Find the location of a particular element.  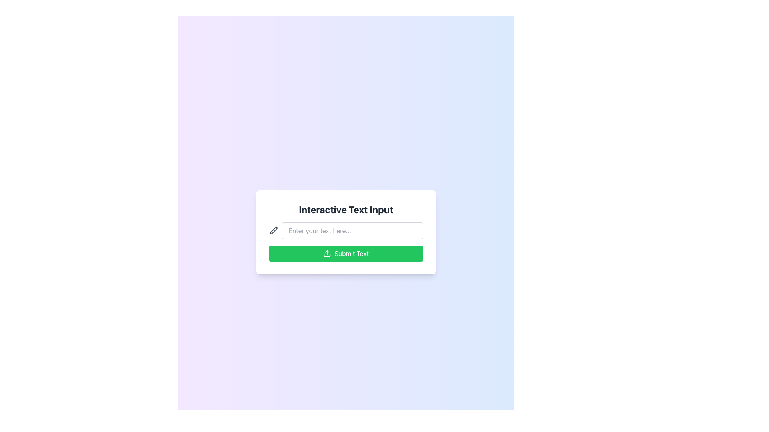

the upload icon located to the left of the 'Submit Text' label within the green submission button is located at coordinates (327, 253).